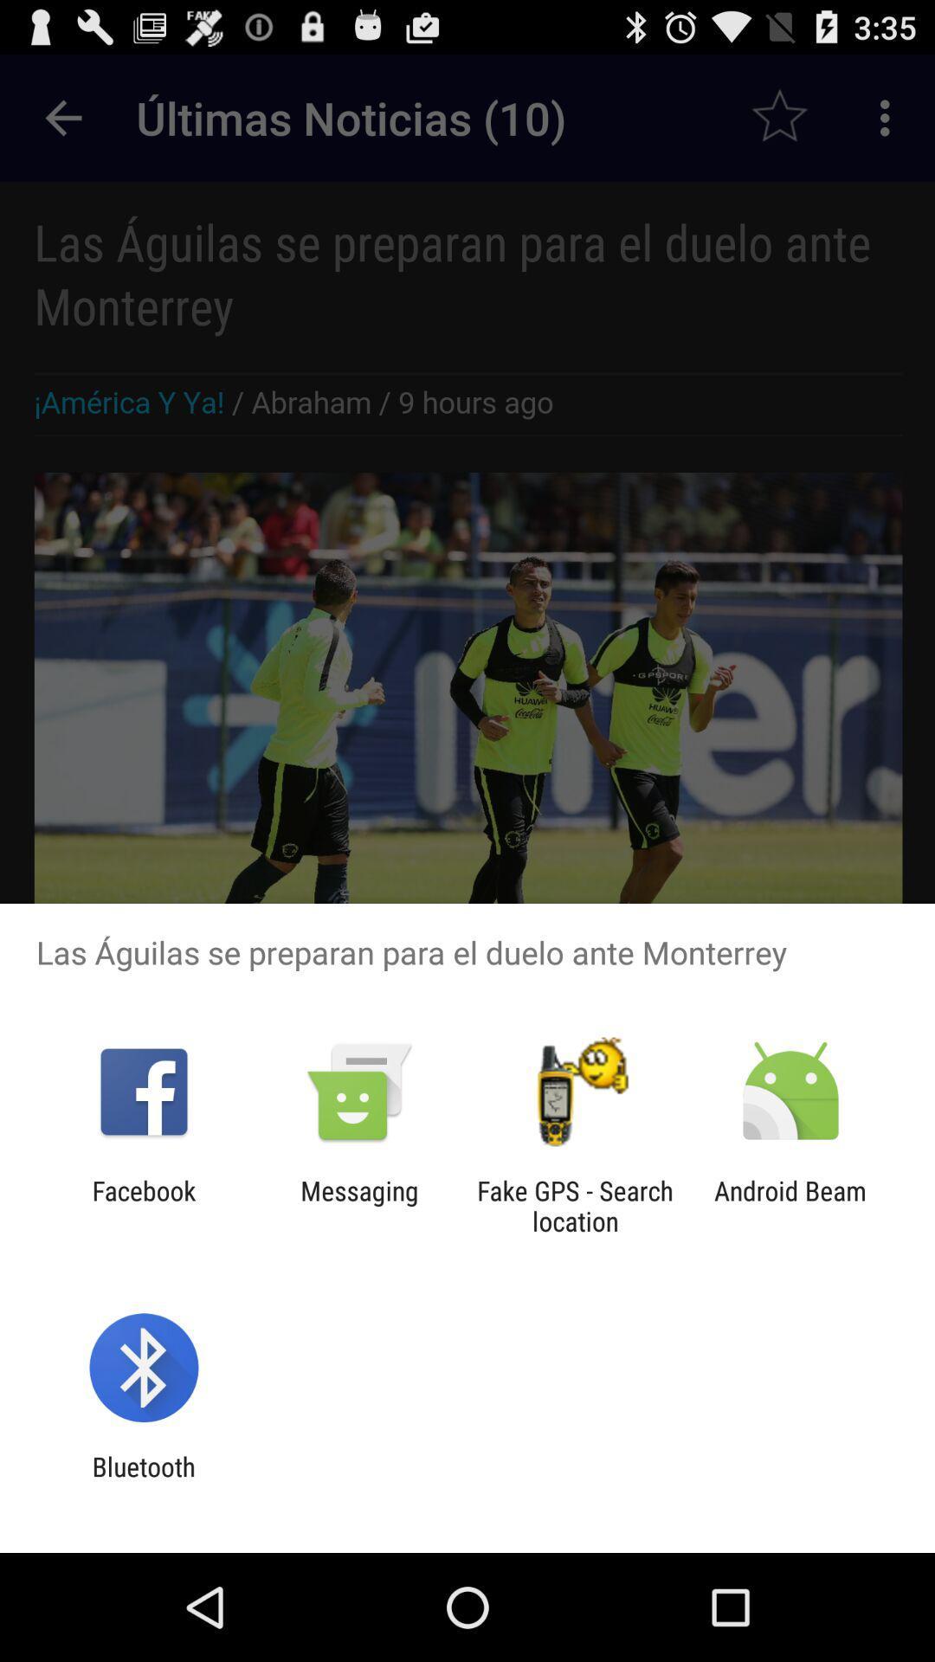  Describe the element at coordinates (143, 1205) in the screenshot. I see `icon next to the messaging item` at that location.